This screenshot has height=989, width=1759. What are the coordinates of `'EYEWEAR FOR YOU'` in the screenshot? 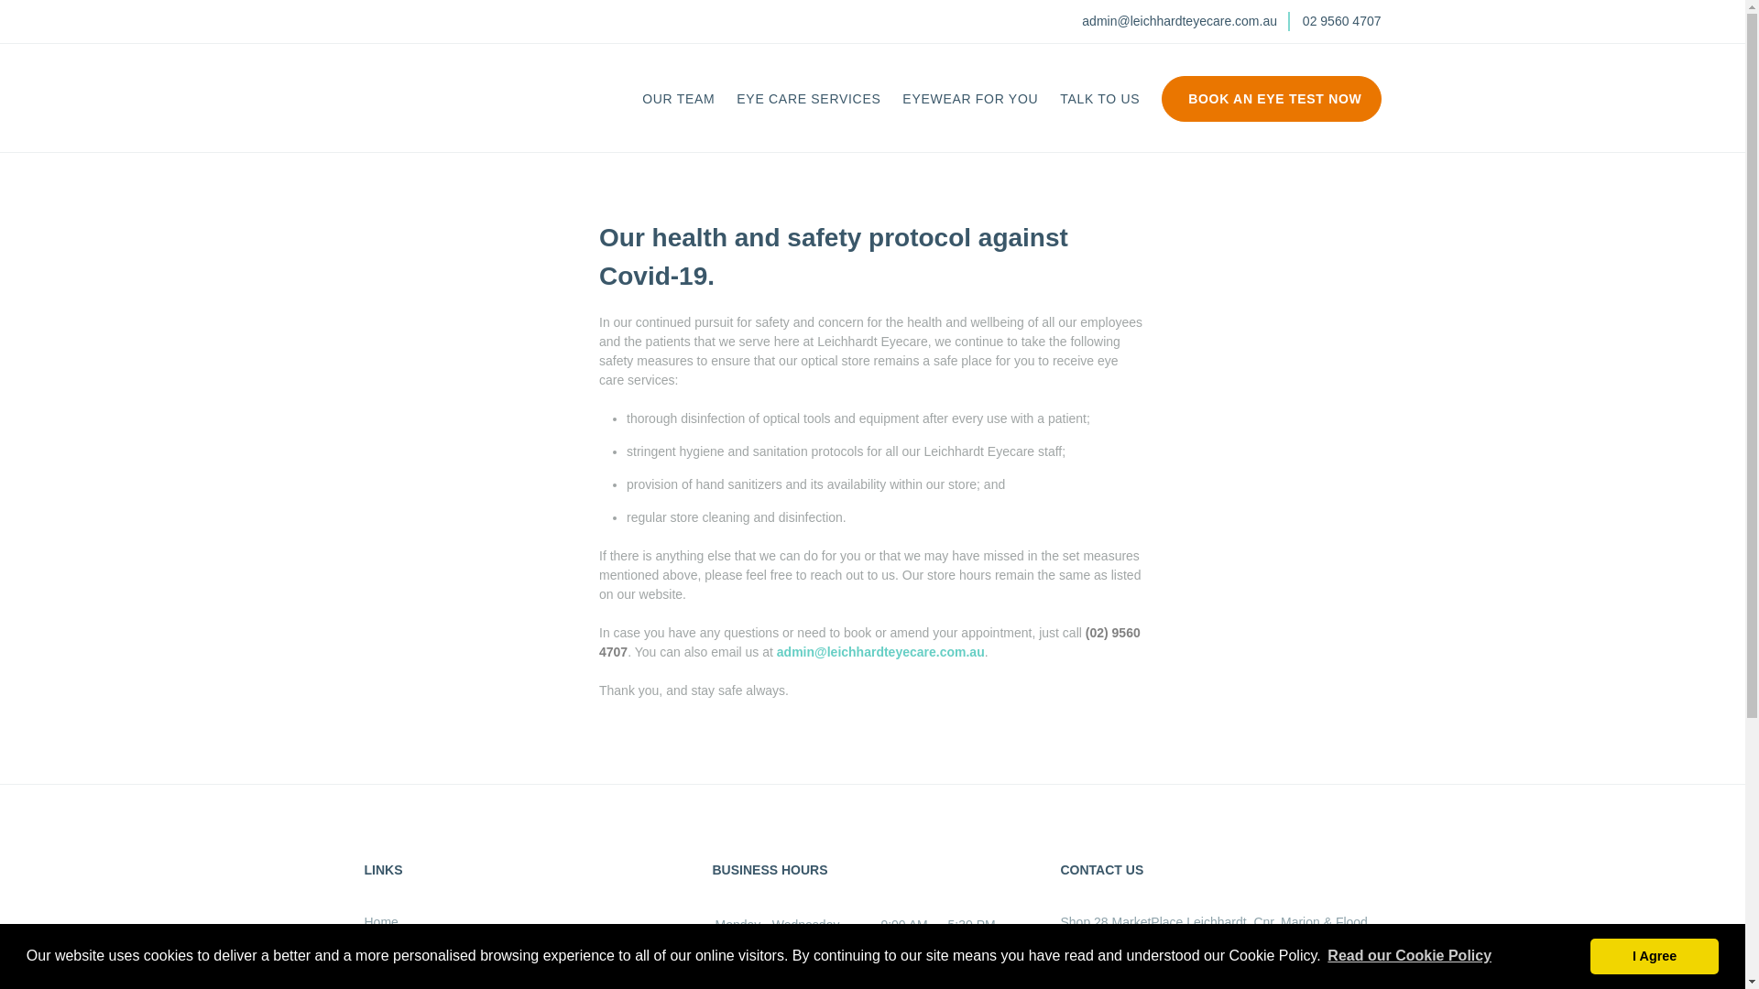 It's located at (901, 99).